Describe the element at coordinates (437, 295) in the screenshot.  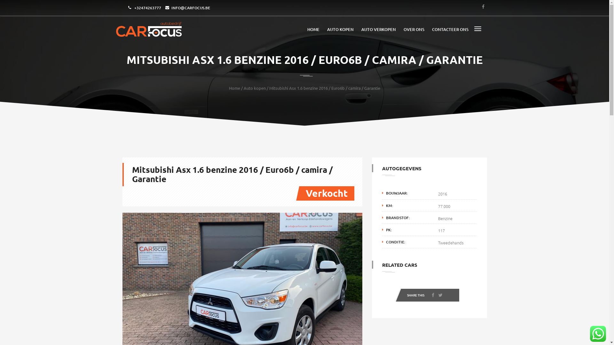
I see `'Twitter'` at that location.